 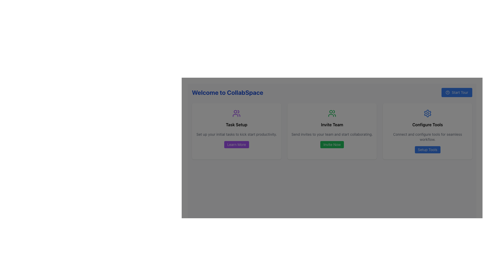 What do you see at coordinates (427, 113) in the screenshot?
I see `the blue gear icon located in the 'Configure Tools' section at the top right of the interface, using it as a visual indicator for interactive design` at bounding box center [427, 113].